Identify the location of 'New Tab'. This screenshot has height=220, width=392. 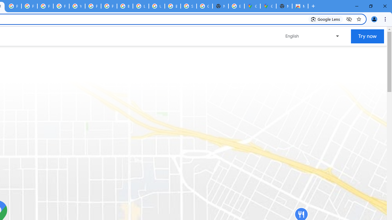
(284, 6).